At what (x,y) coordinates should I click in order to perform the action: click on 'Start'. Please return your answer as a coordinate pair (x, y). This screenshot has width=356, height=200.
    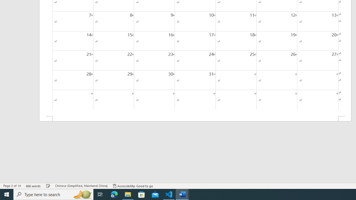
    Looking at the image, I should click on (7, 194).